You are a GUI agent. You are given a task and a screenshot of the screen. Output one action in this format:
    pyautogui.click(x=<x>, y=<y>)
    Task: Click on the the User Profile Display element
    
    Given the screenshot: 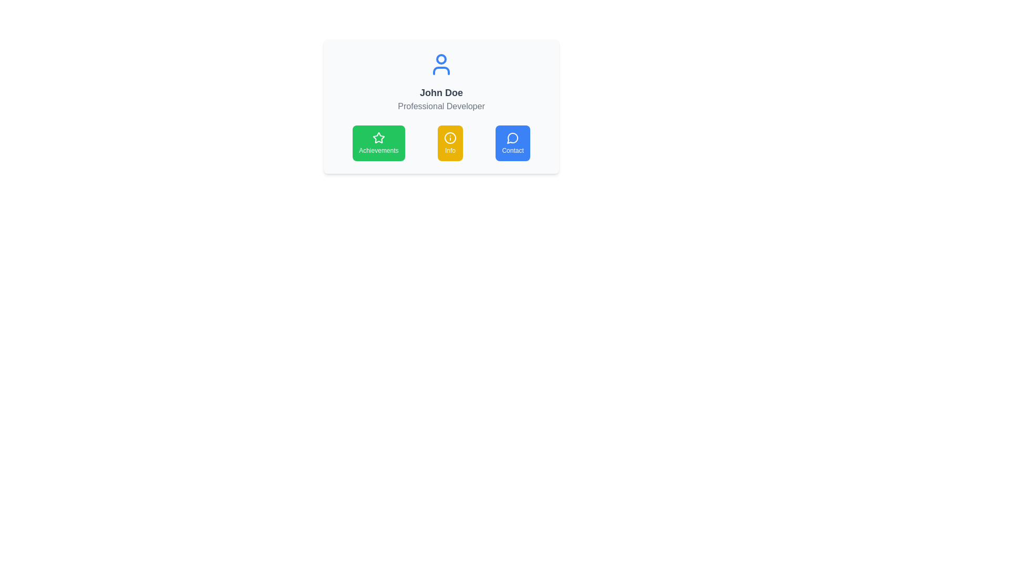 What is the action you would take?
    pyautogui.click(x=441, y=82)
    